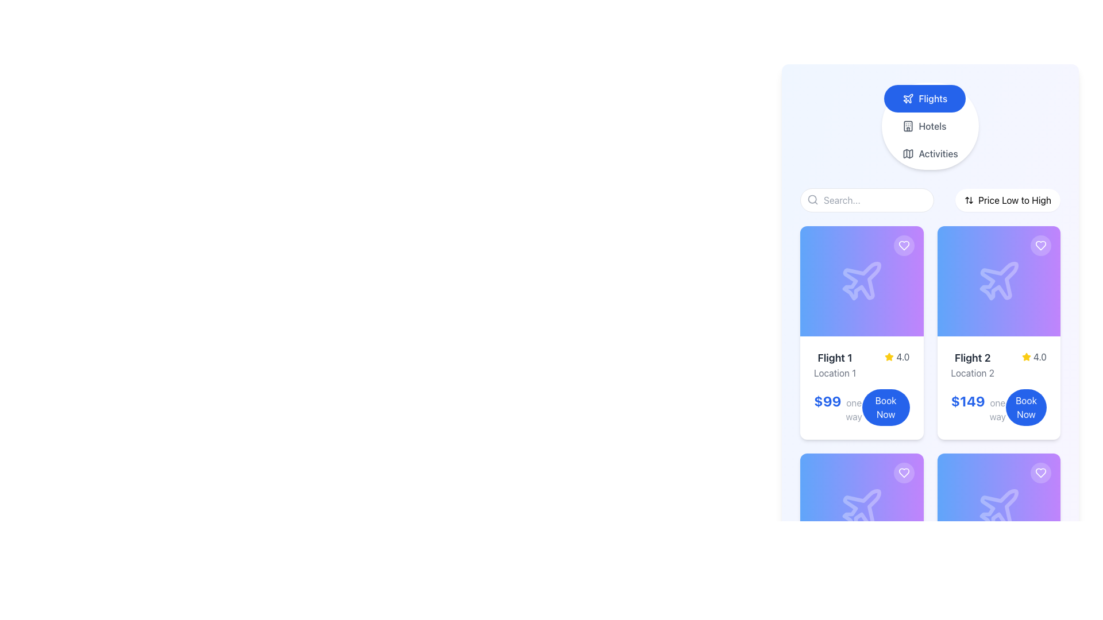 The image size is (1103, 620). What do you see at coordinates (933, 98) in the screenshot?
I see `the 'Flights' navigation button, which is styled in bold white text on a blue rounded background` at bounding box center [933, 98].